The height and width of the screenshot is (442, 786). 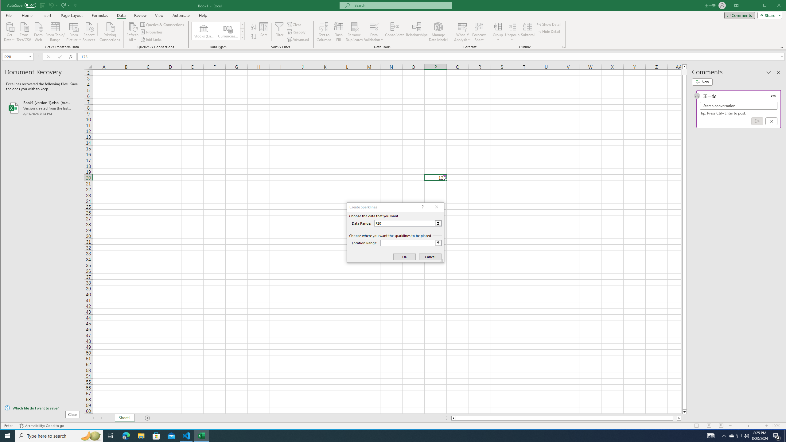 I want to click on 'Stocks (English)', so click(x=204, y=31).